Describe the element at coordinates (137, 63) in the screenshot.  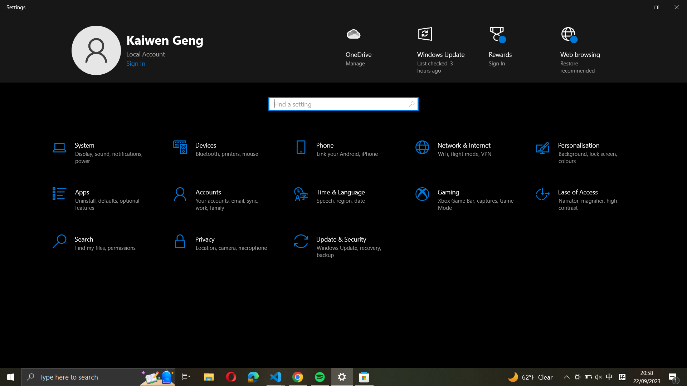
I see `the "sign in" option to authenticate your windows using your Microsoft credentials` at that location.